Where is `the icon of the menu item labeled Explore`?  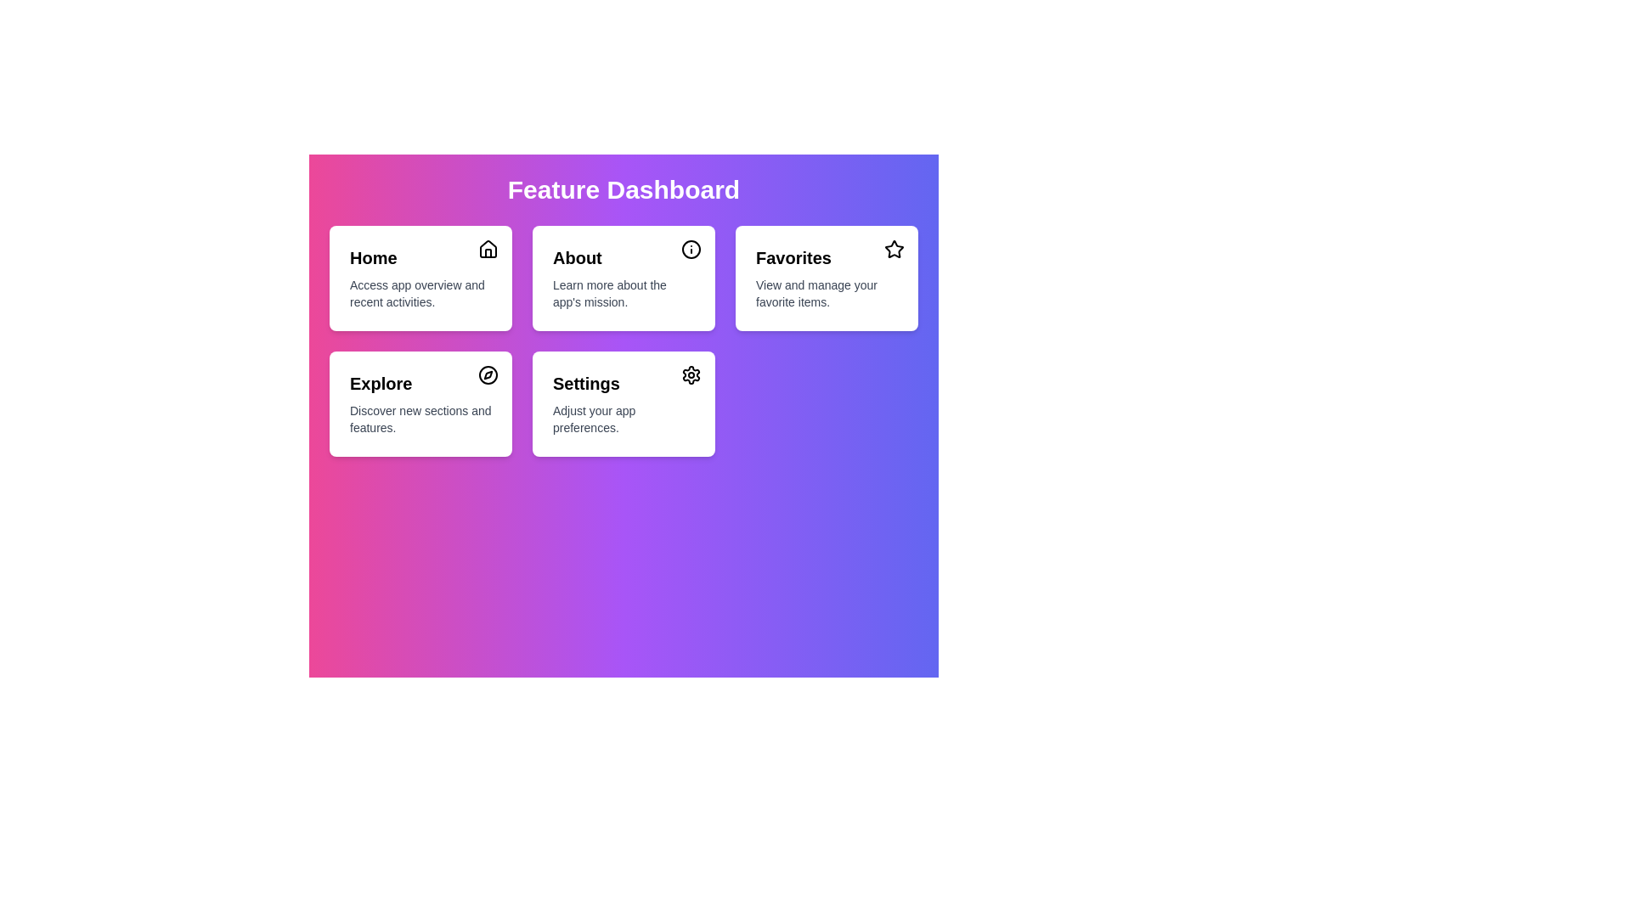 the icon of the menu item labeled Explore is located at coordinates (488, 374).